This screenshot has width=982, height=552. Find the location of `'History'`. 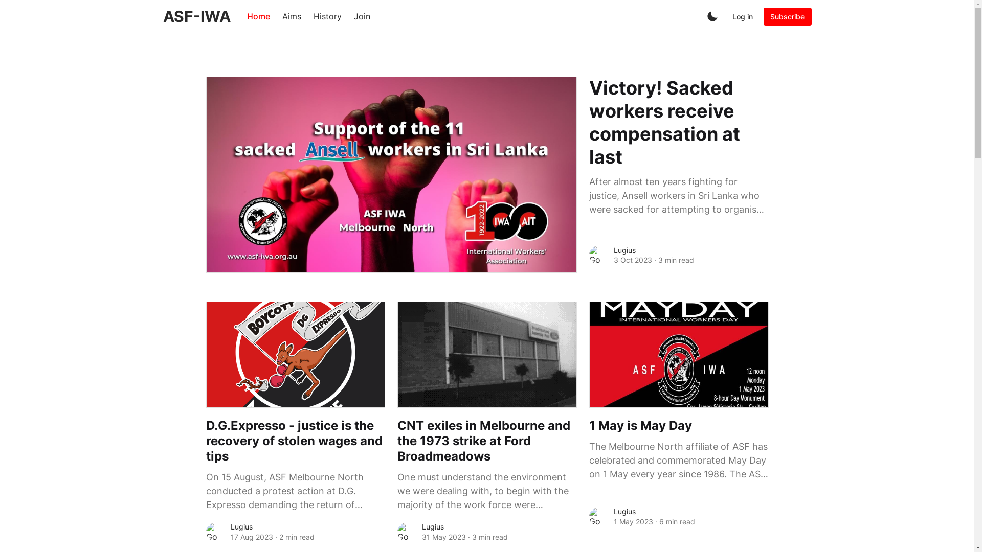

'History' is located at coordinates (306, 16).